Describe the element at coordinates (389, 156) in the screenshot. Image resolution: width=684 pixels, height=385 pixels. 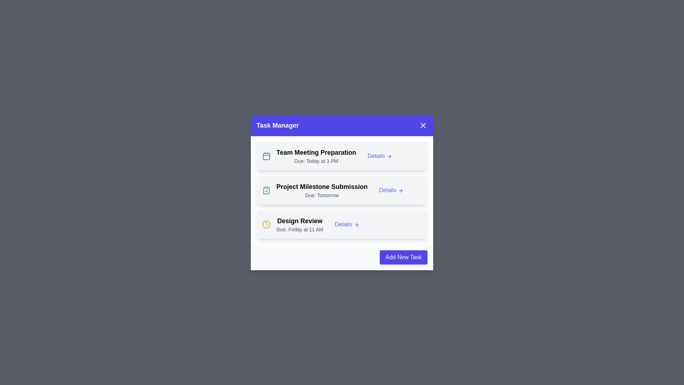
I see `the rightward-pointing arrow icon embedded in the hyperlink labeled 'Details'` at that location.